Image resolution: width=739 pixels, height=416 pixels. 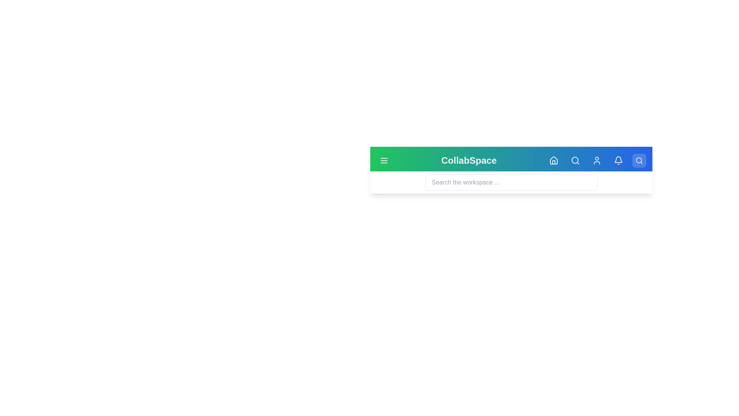 I want to click on the search input field to focus it, so click(x=511, y=183).